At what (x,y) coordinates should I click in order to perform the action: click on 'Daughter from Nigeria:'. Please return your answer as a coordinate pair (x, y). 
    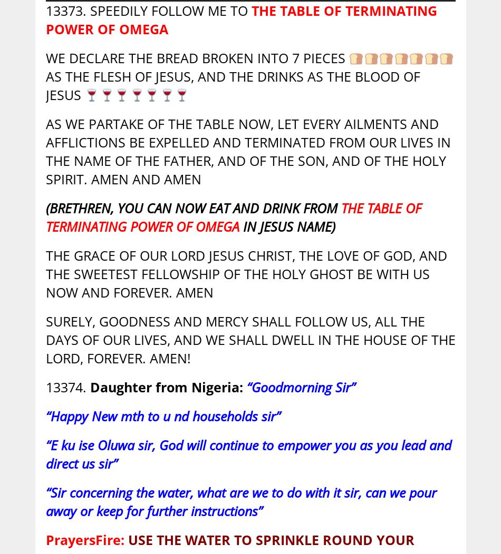
    Looking at the image, I should click on (89, 387).